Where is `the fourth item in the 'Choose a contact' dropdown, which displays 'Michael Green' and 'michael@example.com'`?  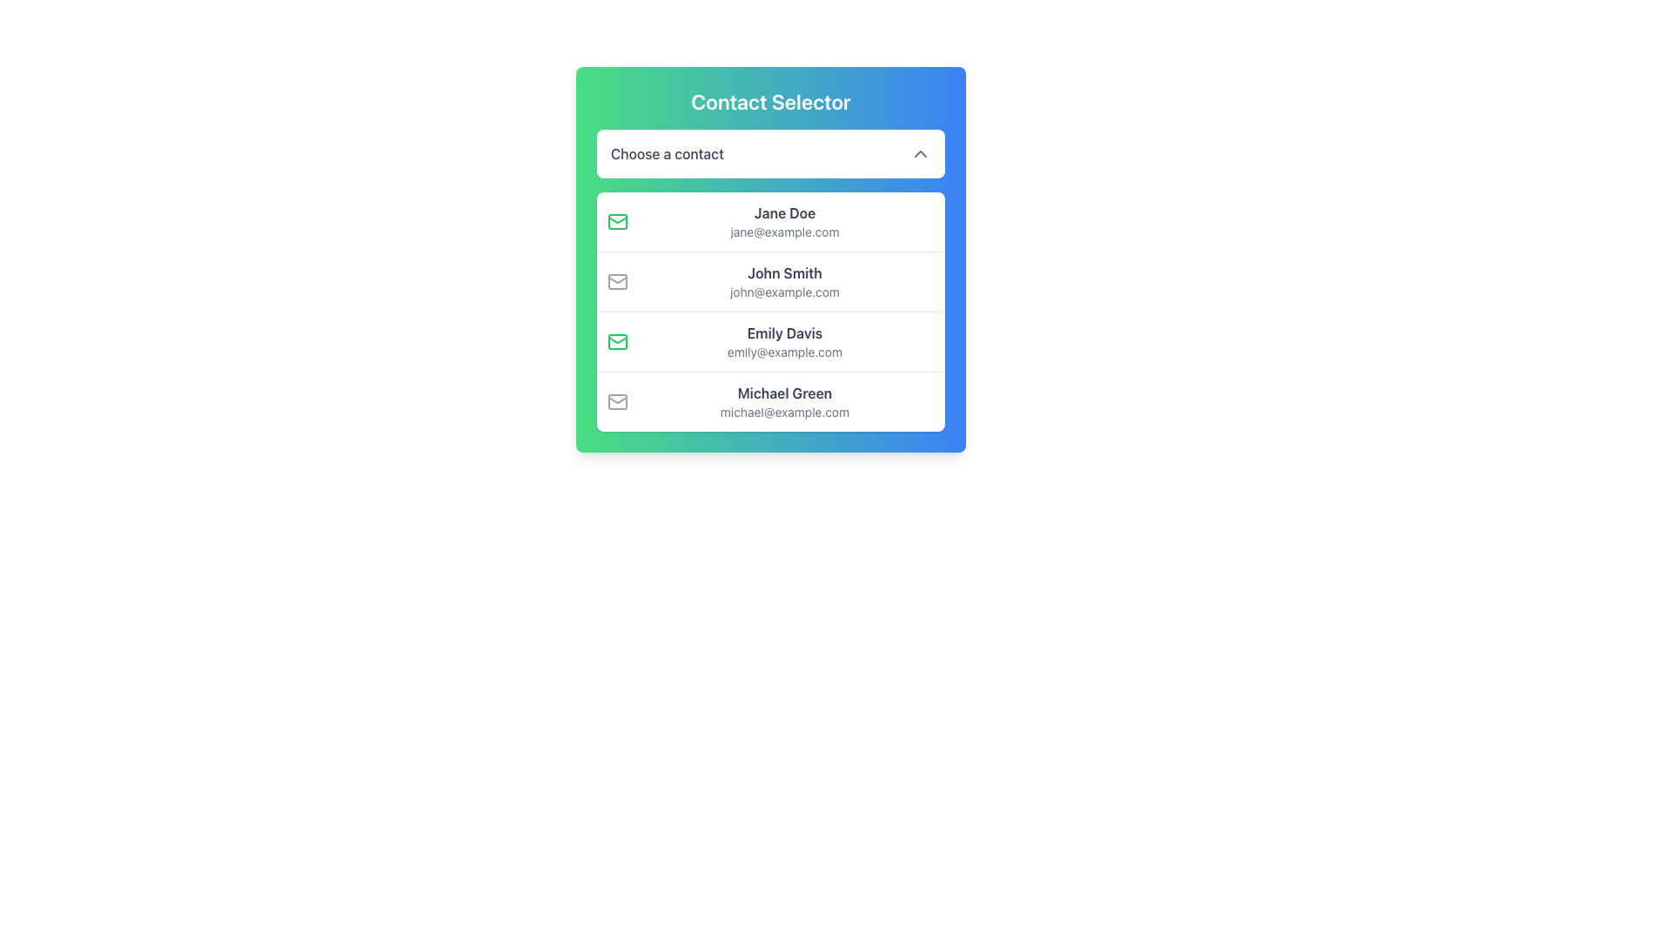
the fourth item in the 'Choose a contact' dropdown, which displays 'Michael Green' and 'michael@example.com' is located at coordinates (784, 402).